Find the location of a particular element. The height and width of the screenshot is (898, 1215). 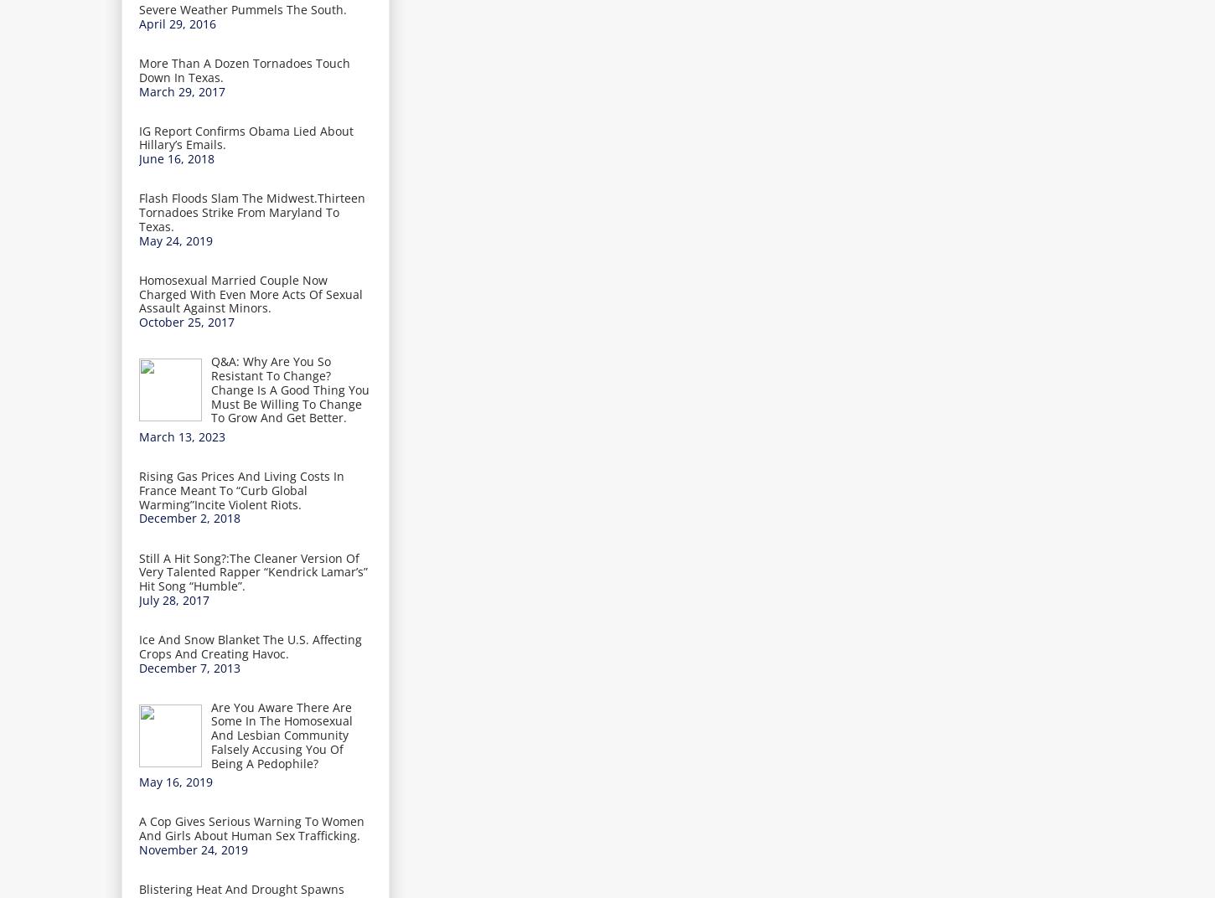

'A Cop Gives Serious Warning To Women And Girls About Human Sex Trafficking.' is located at coordinates (138, 828).